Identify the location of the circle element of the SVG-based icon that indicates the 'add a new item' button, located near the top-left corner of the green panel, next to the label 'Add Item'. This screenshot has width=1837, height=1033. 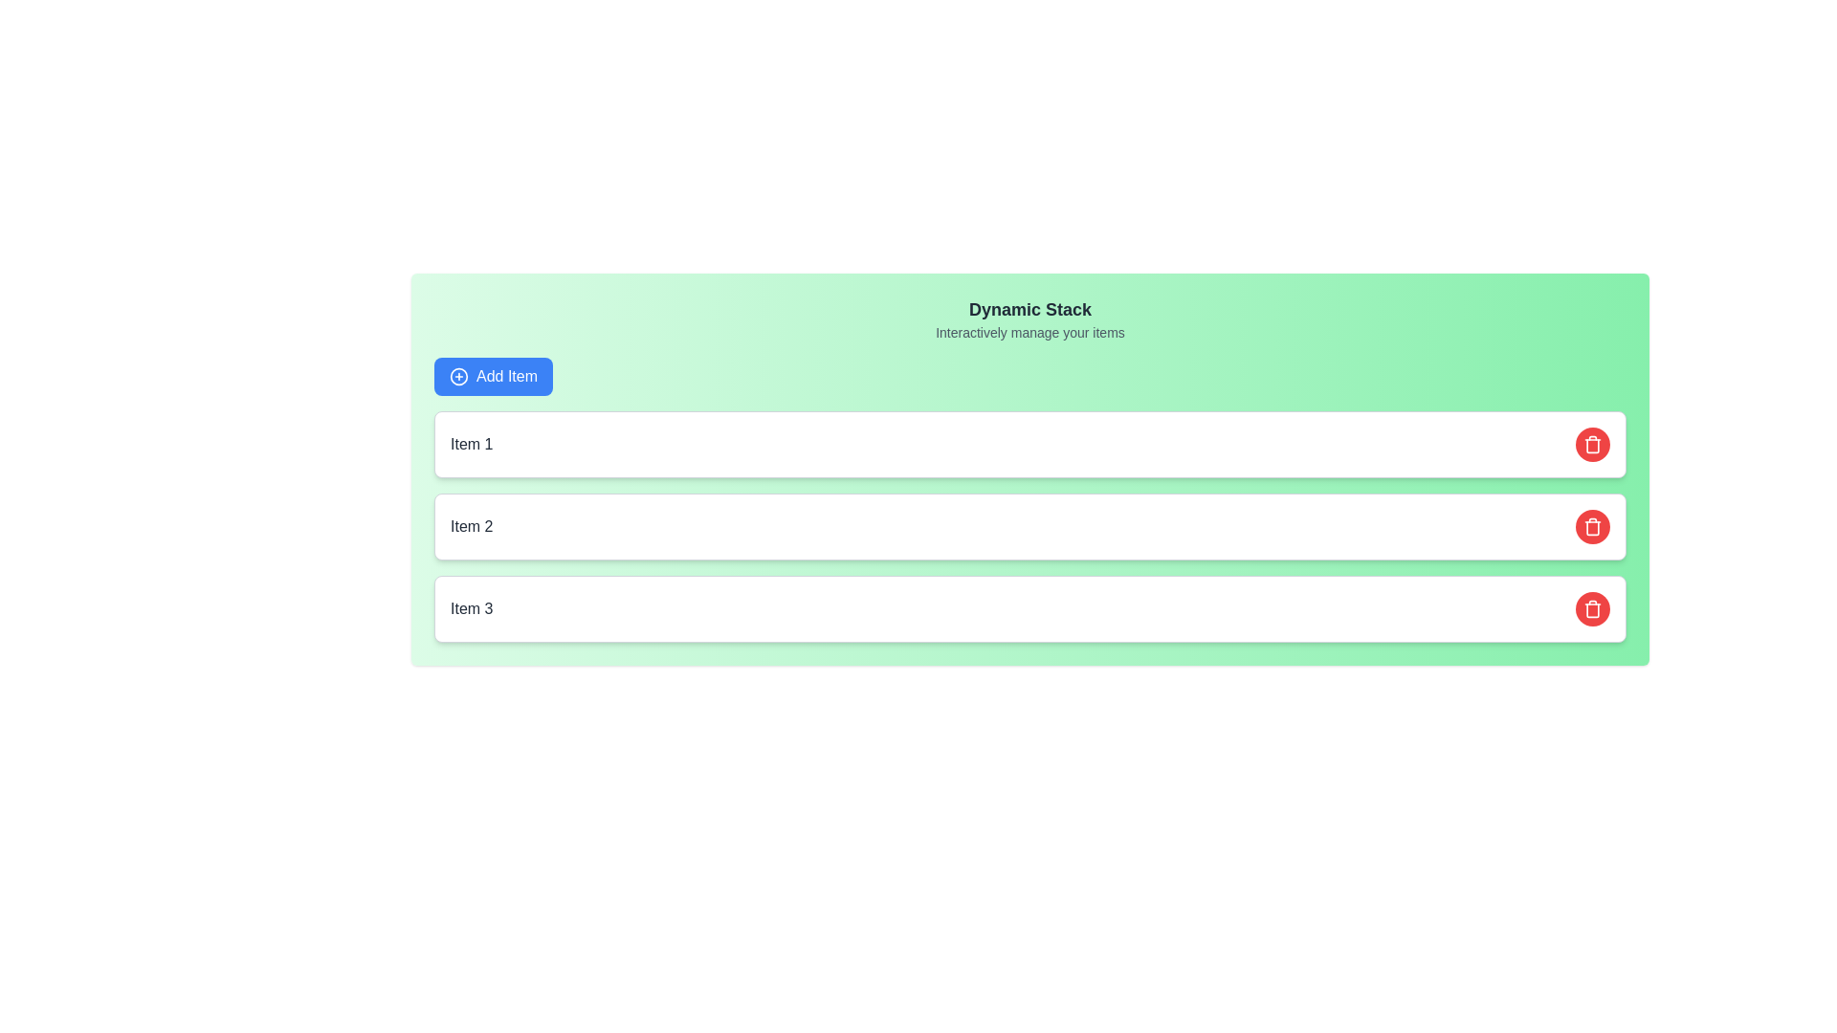
(459, 376).